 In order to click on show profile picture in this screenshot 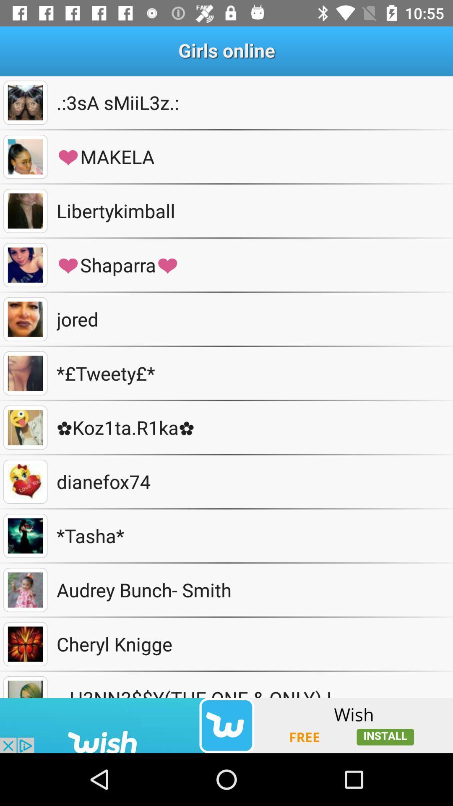, I will do `click(25, 427)`.